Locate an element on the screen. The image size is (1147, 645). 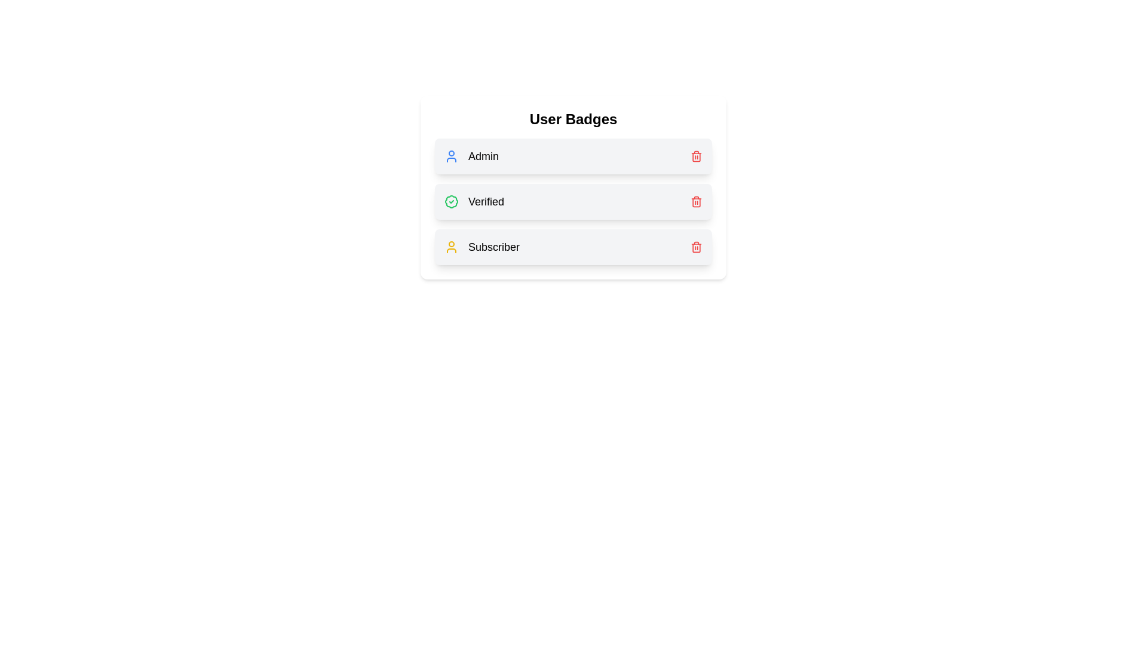
the badge icon for Admin is located at coordinates (450, 156).